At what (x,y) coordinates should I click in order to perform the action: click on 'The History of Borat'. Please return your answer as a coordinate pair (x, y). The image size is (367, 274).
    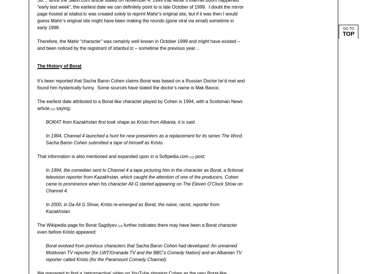
    Looking at the image, I should click on (37, 65).